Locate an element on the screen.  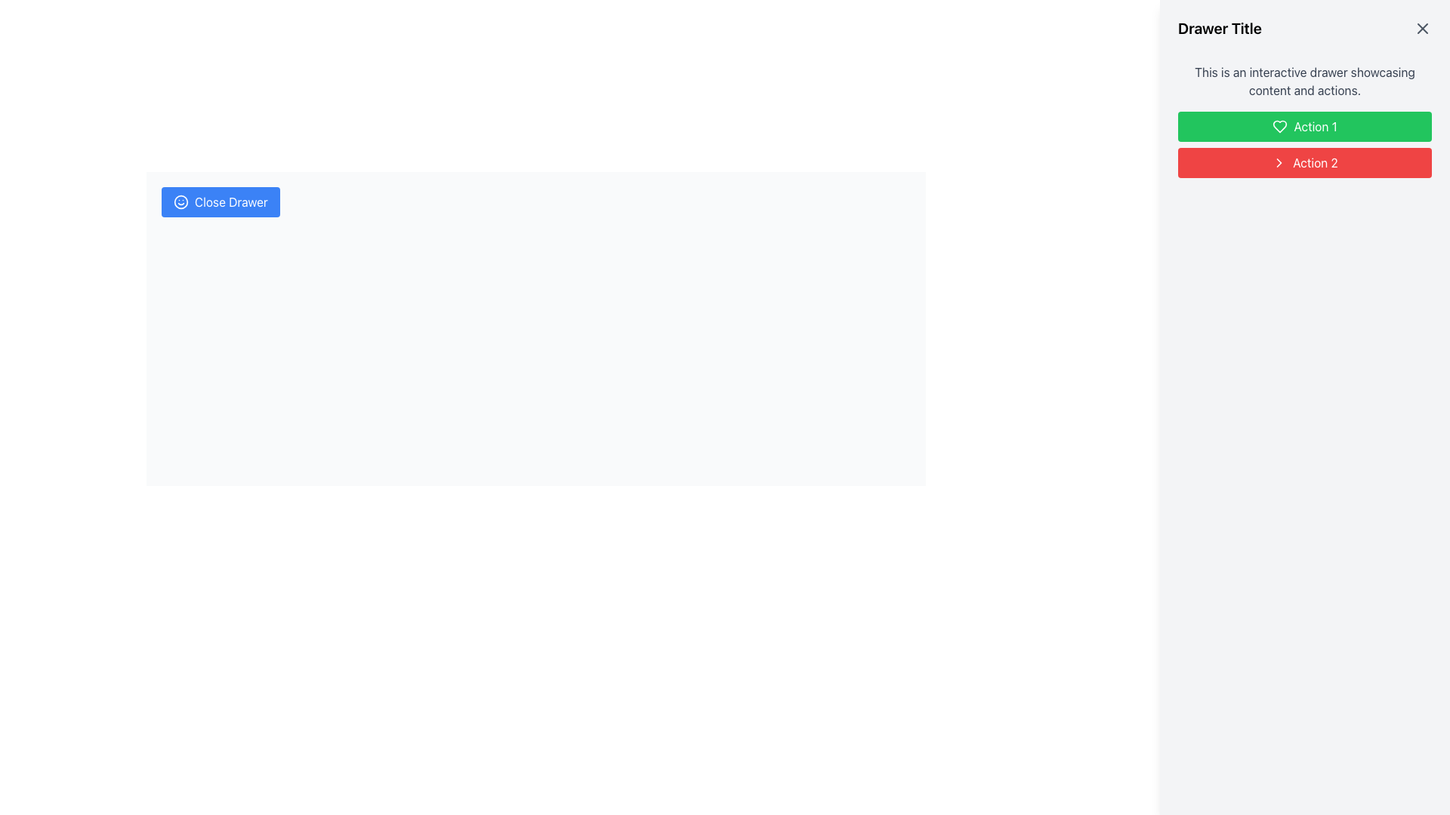
the 'Action 2' button located below the 'Action 1' button in the right-side drawer, which has a white font on a red background and rounded corners is located at coordinates (1315, 163).